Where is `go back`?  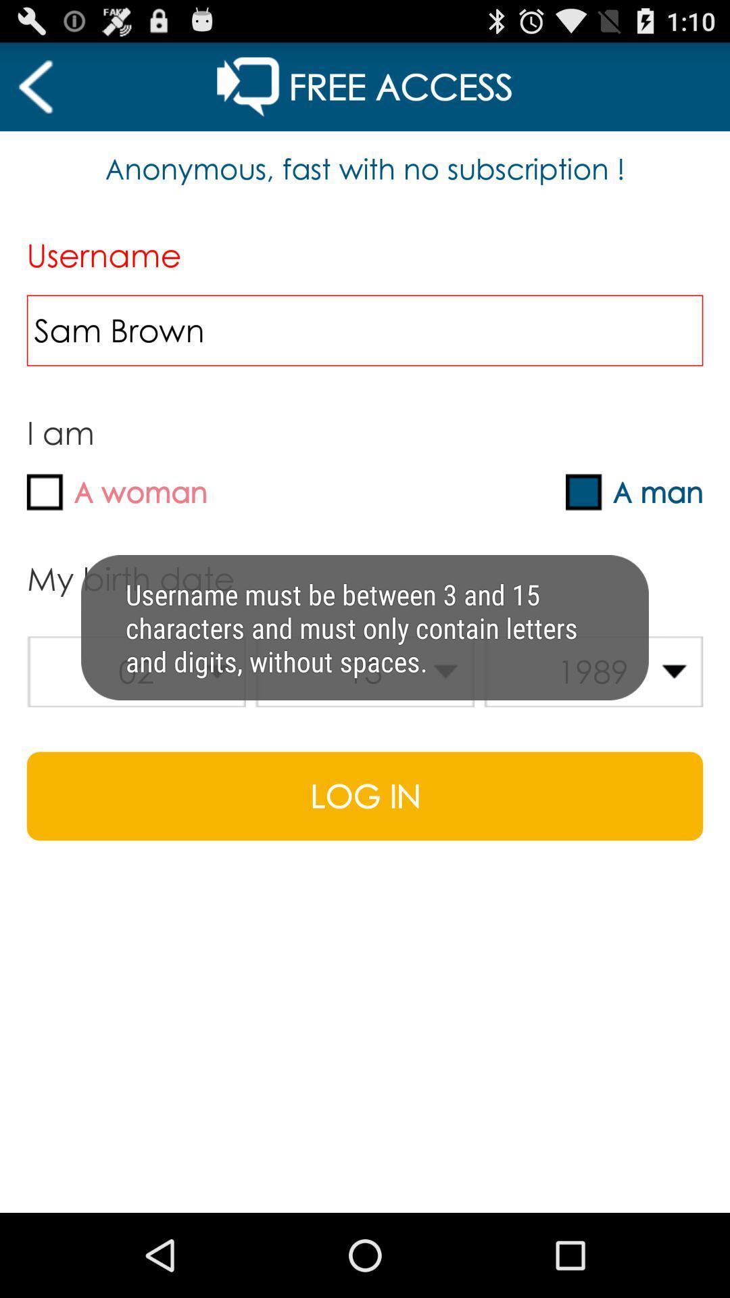 go back is located at coordinates (34, 86).